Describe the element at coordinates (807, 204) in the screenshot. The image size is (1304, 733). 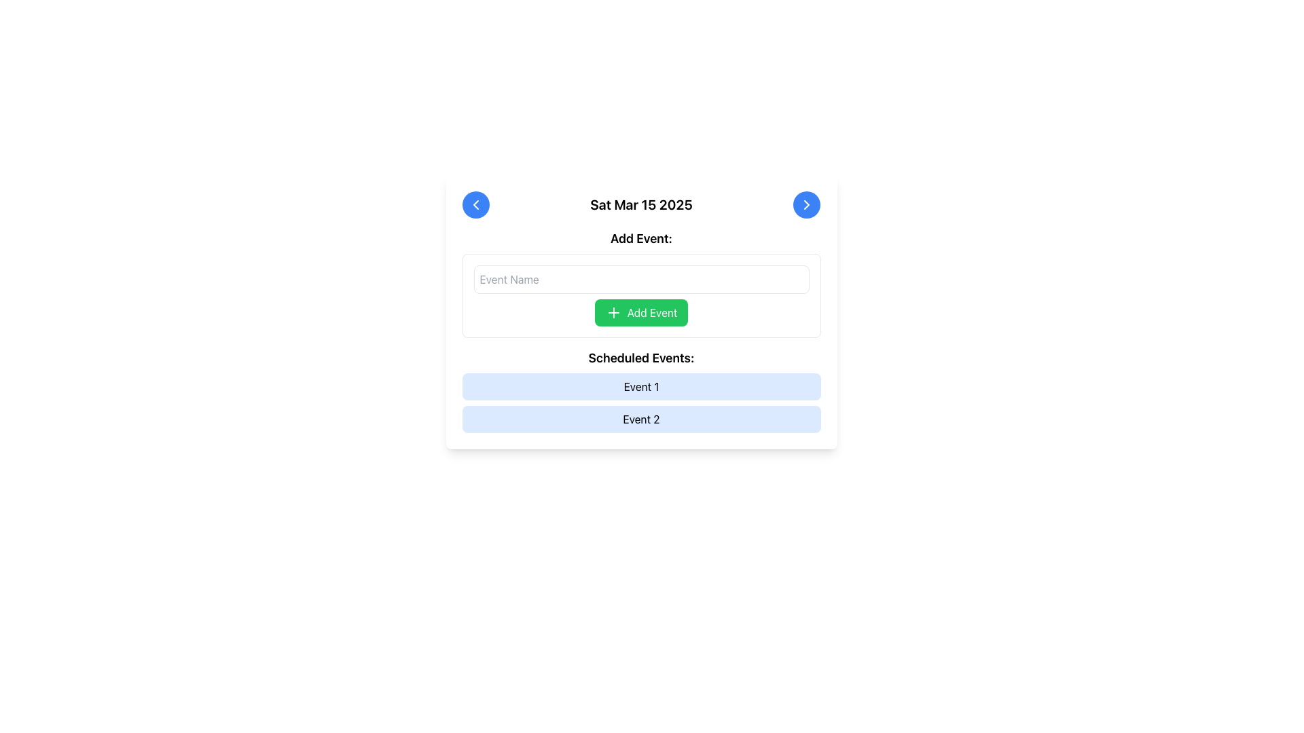
I see `the button located to the far right of the header section, next to the text 'Sat Mar 15 2025'` at that location.